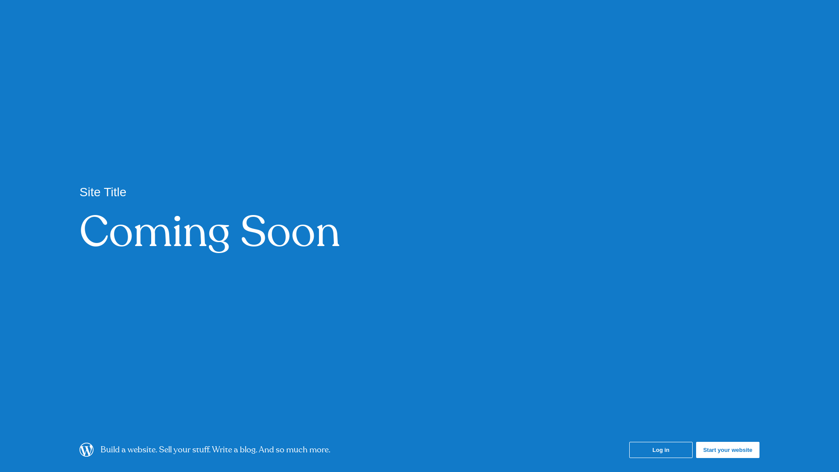 The image size is (839, 472). Describe the element at coordinates (661, 450) in the screenshot. I see `'Log in'` at that location.